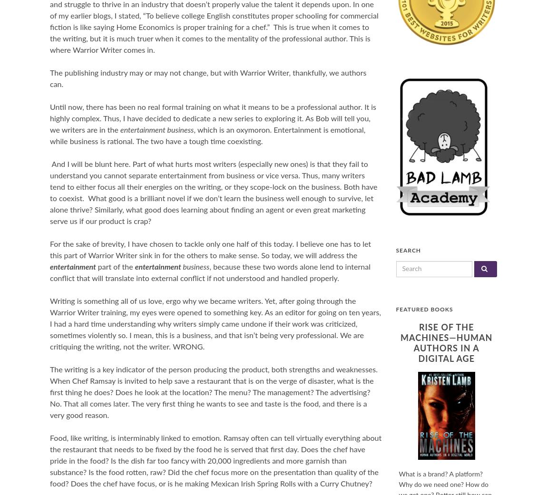  I want to click on 'The publishing industry may or may not change, but with Warrior Writer, thankfully, we authors can.', so click(208, 79).